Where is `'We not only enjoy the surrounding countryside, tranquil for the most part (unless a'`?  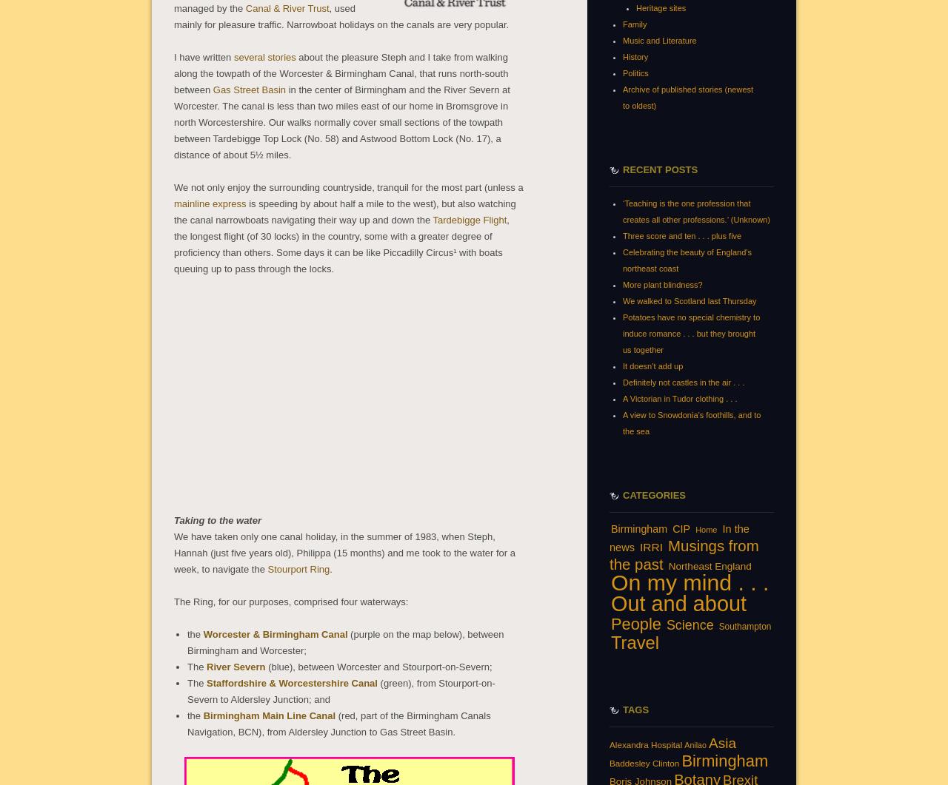 'We not only enjoy the surrounding countryside, tranquil for the most part (unless a' is located at coordinates (174, 186).